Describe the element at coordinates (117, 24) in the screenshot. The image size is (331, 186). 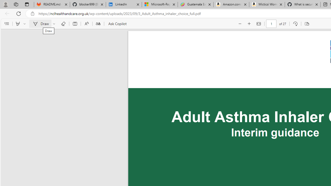
I see `'Ask Copilot'` at that location.